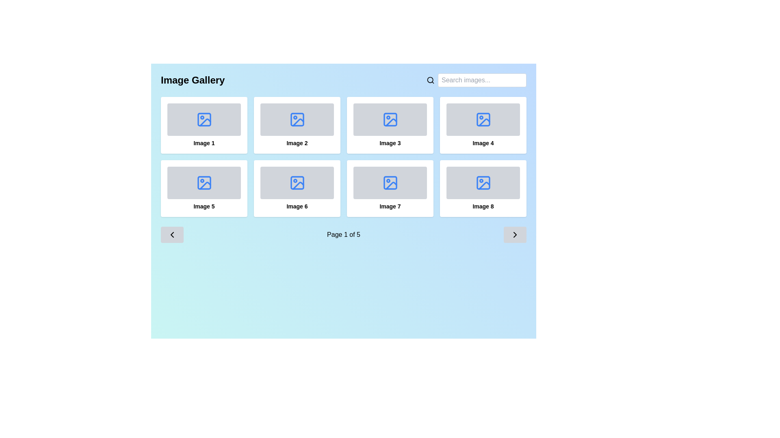  What do you see at coordinates (204, 183) in the screenshot?
I see `the image placeholder icon in the second row and first column of the gallery grid` at bounding box center [204, 183].